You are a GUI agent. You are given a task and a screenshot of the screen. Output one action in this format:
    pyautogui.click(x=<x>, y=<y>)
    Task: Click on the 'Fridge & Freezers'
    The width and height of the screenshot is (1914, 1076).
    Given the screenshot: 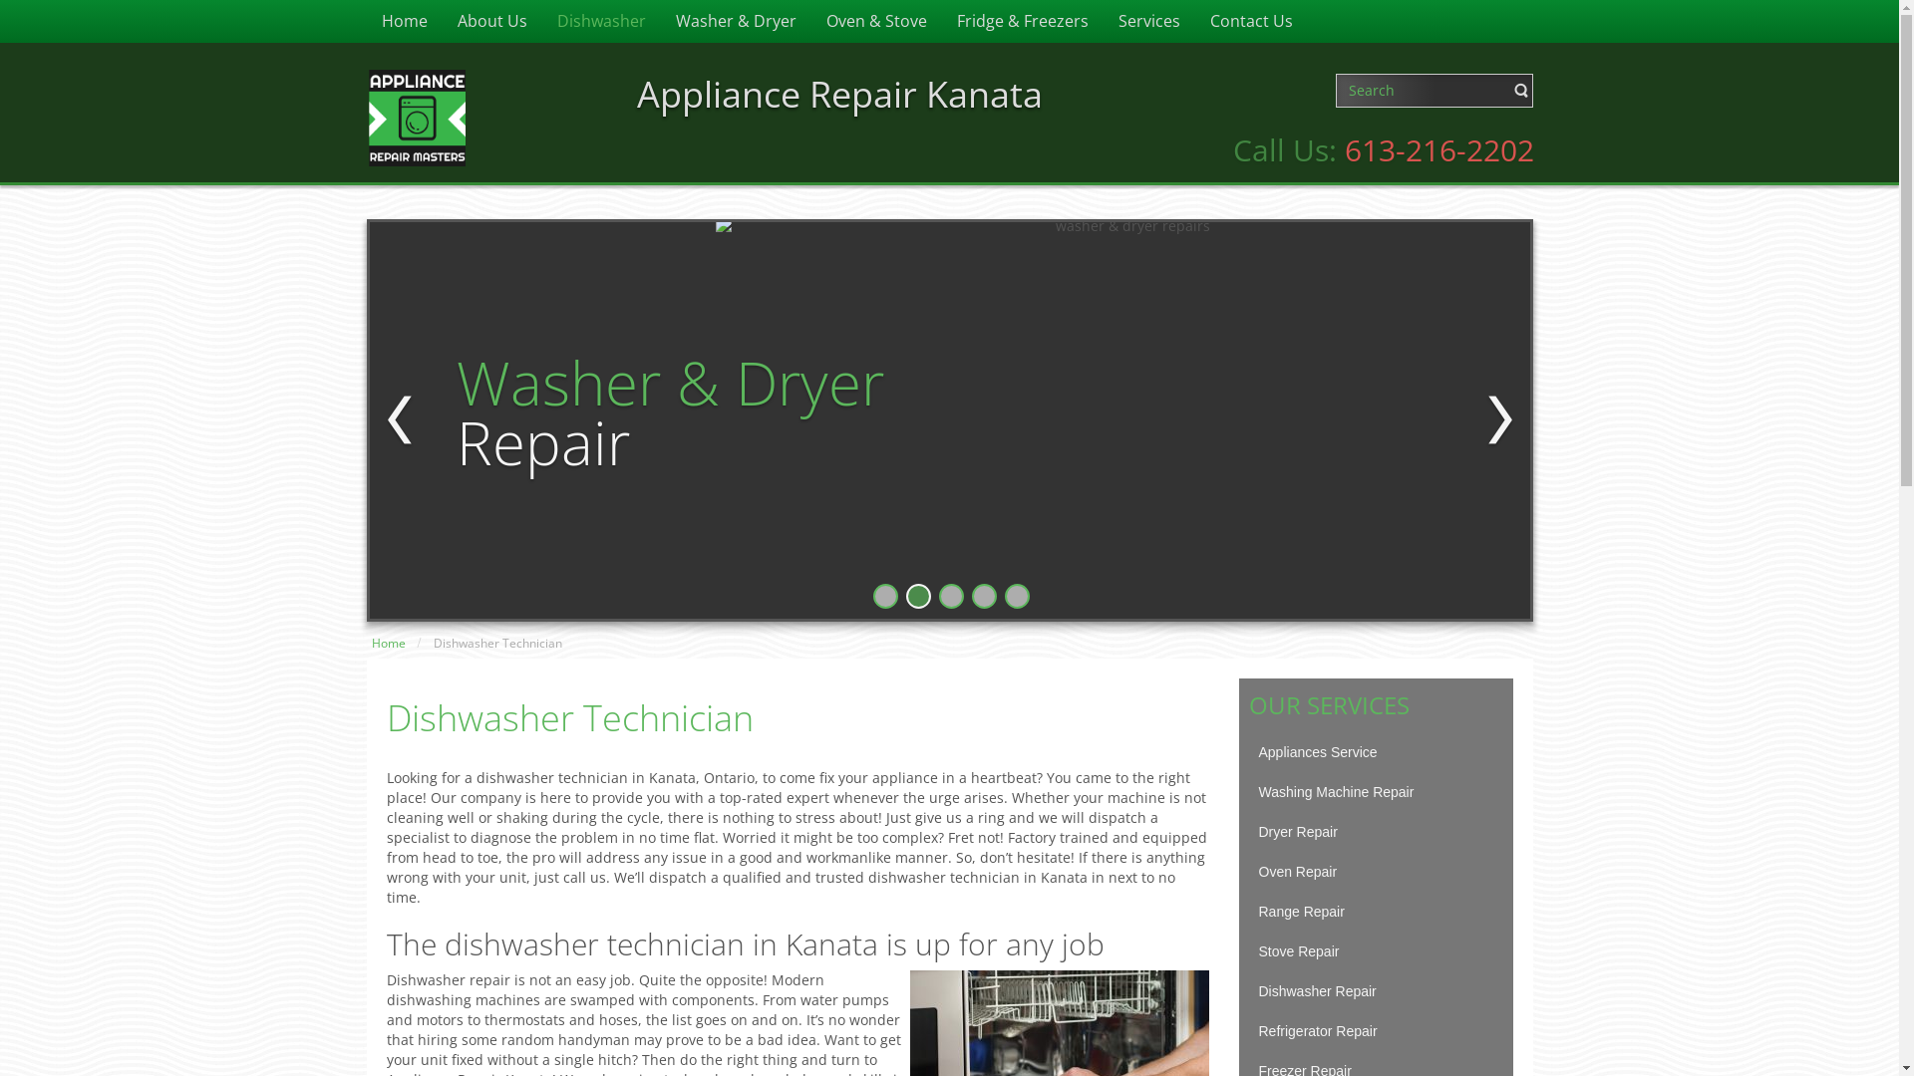 What is the action you would take?
    pyautogui.click(x=1022, y=21)
    